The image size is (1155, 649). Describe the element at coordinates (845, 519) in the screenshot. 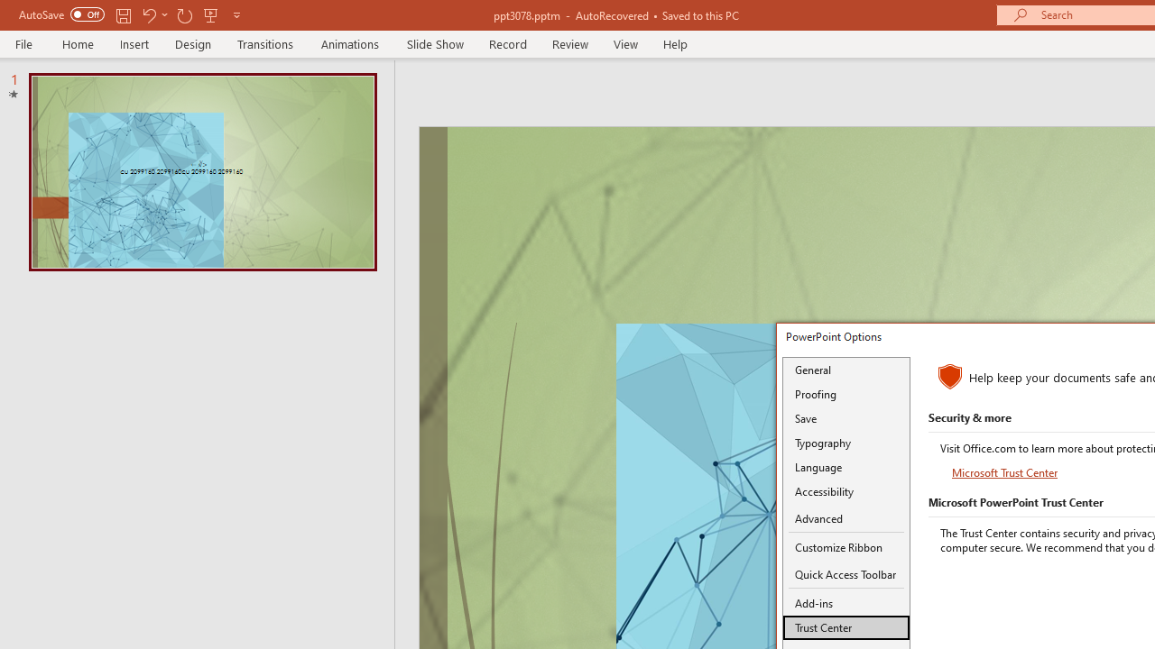

I see `'Advanced'` at that location.